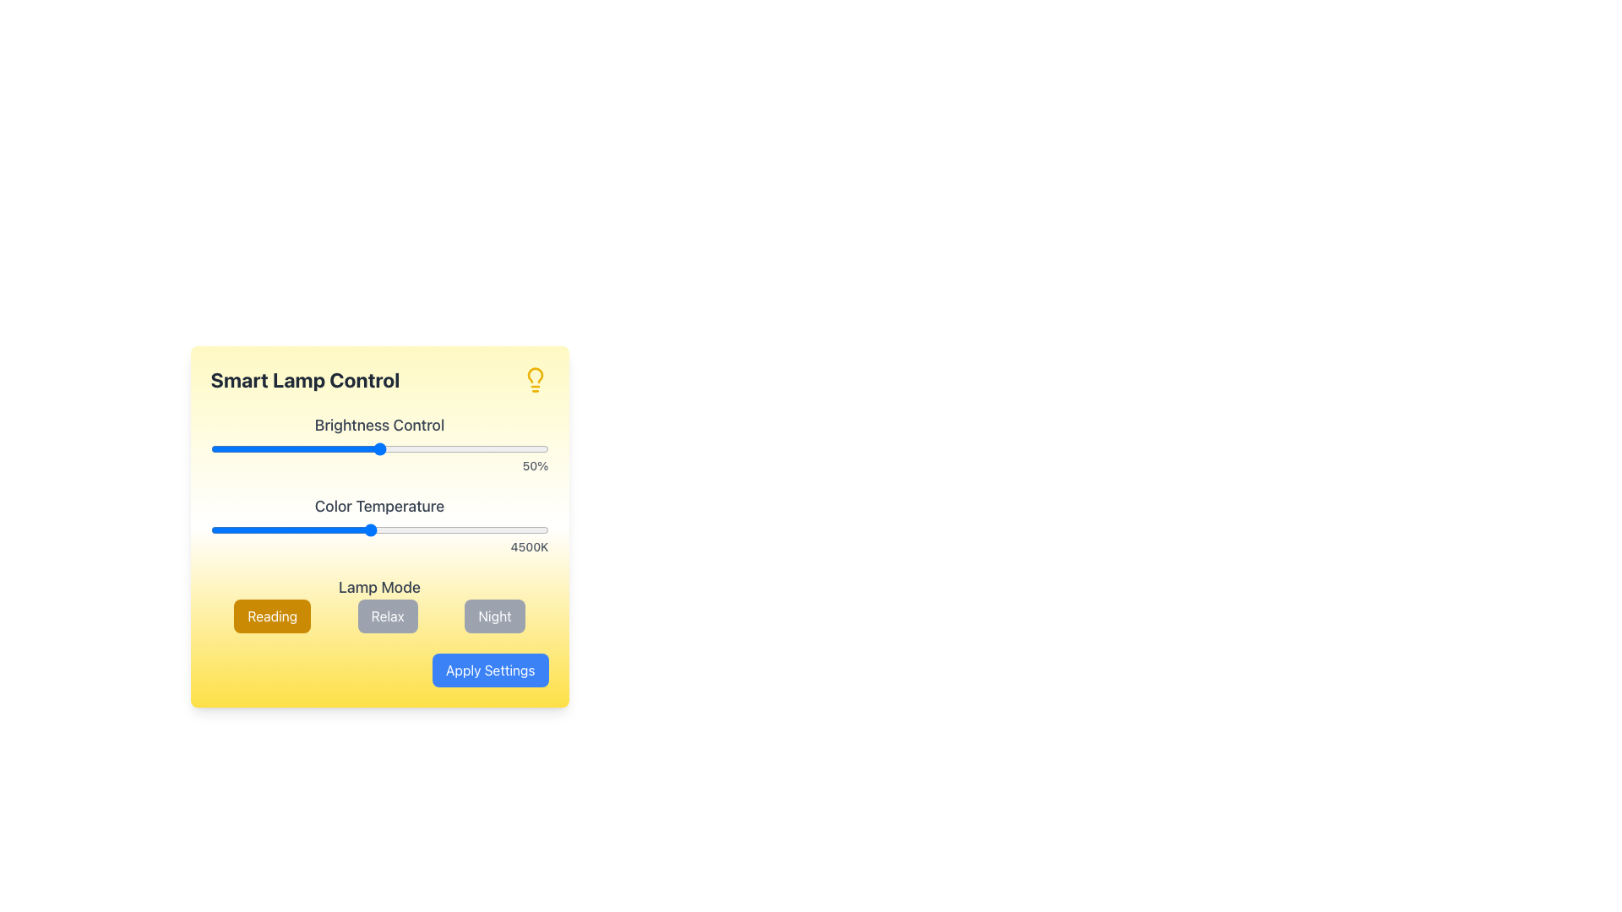  What do you see at coordinates (378, 547) in the screenshot?
I see `the text label displaying '4500K' located to the right of the horizontal slider bar in the 'Color Temperature' section` at bounding box center [378, 547].